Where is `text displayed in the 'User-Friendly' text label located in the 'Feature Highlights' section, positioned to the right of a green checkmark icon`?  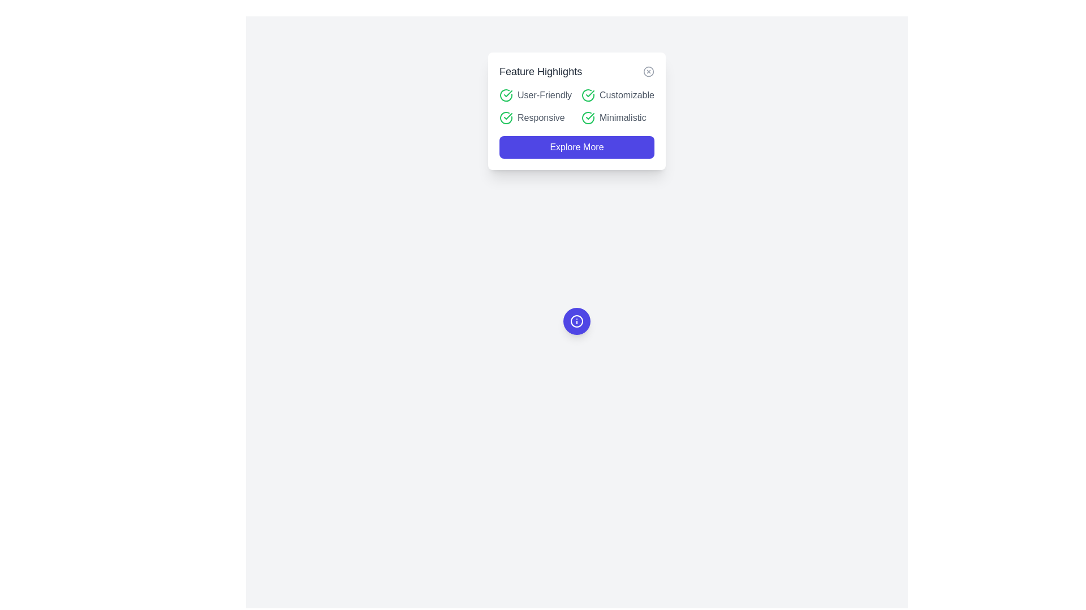
text displayed in the 'User-Friendly' text label located in the 'Feature Highlights' section, positioned to the right of a green checkmark icon is located at coordinates (545, 95).